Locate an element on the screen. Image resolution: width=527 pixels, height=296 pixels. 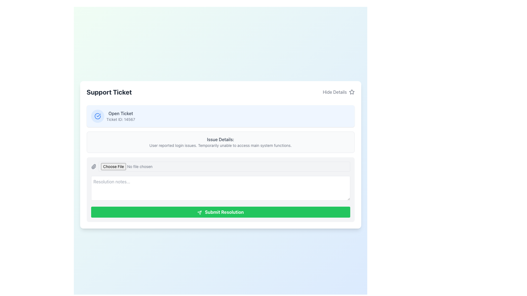
the 'Hide Details' text in the top-right segment of the ticket details section is located at coordinates (334, 92).